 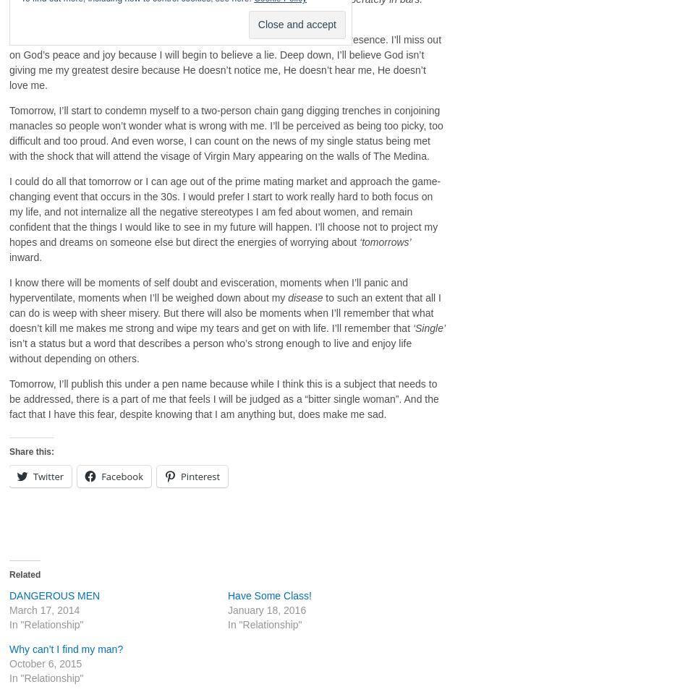 I want to click on 'disease', so click(x=305, y=296).